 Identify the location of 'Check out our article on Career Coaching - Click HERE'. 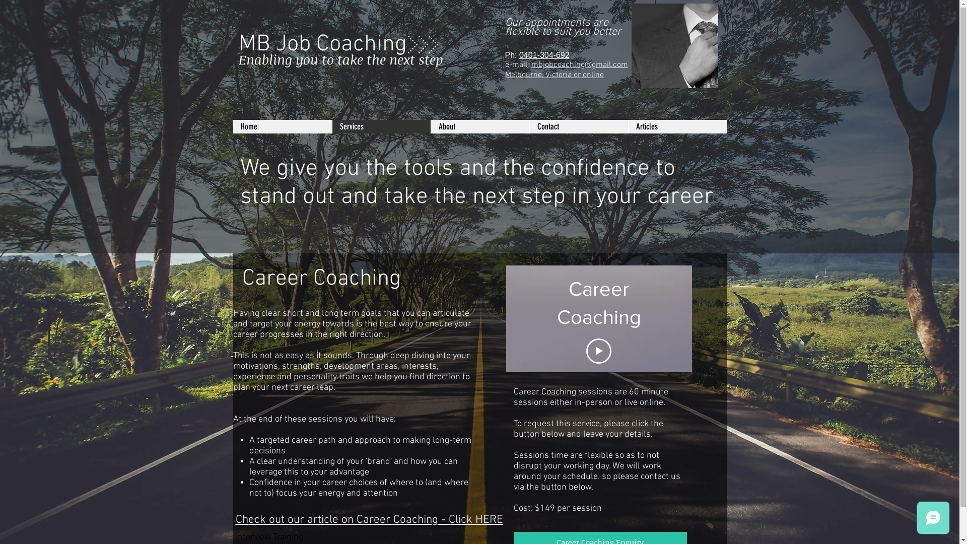
(369, 520).